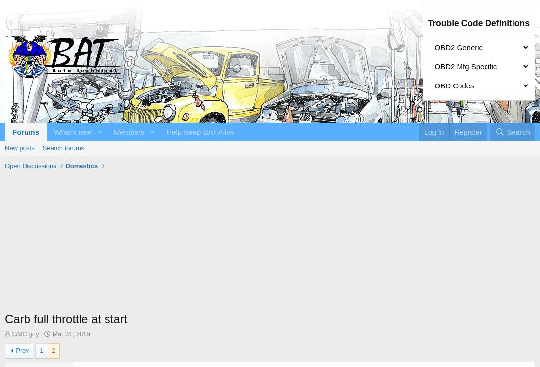 This screenshot has height=367, width=540. What do you see at coordinates (25, 334) in the screenshot?
I see `'GMC guy'` at bounding box center [25, 334].